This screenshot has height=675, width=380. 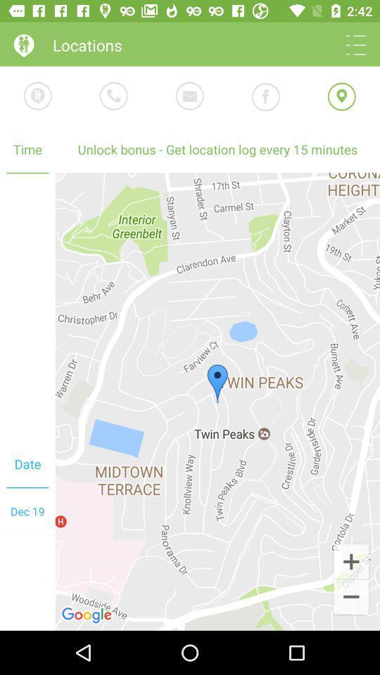 What do you see at coordinates (350, 561) in the screenshot?
I see `the  symbol` at bounding box center [350, 561].